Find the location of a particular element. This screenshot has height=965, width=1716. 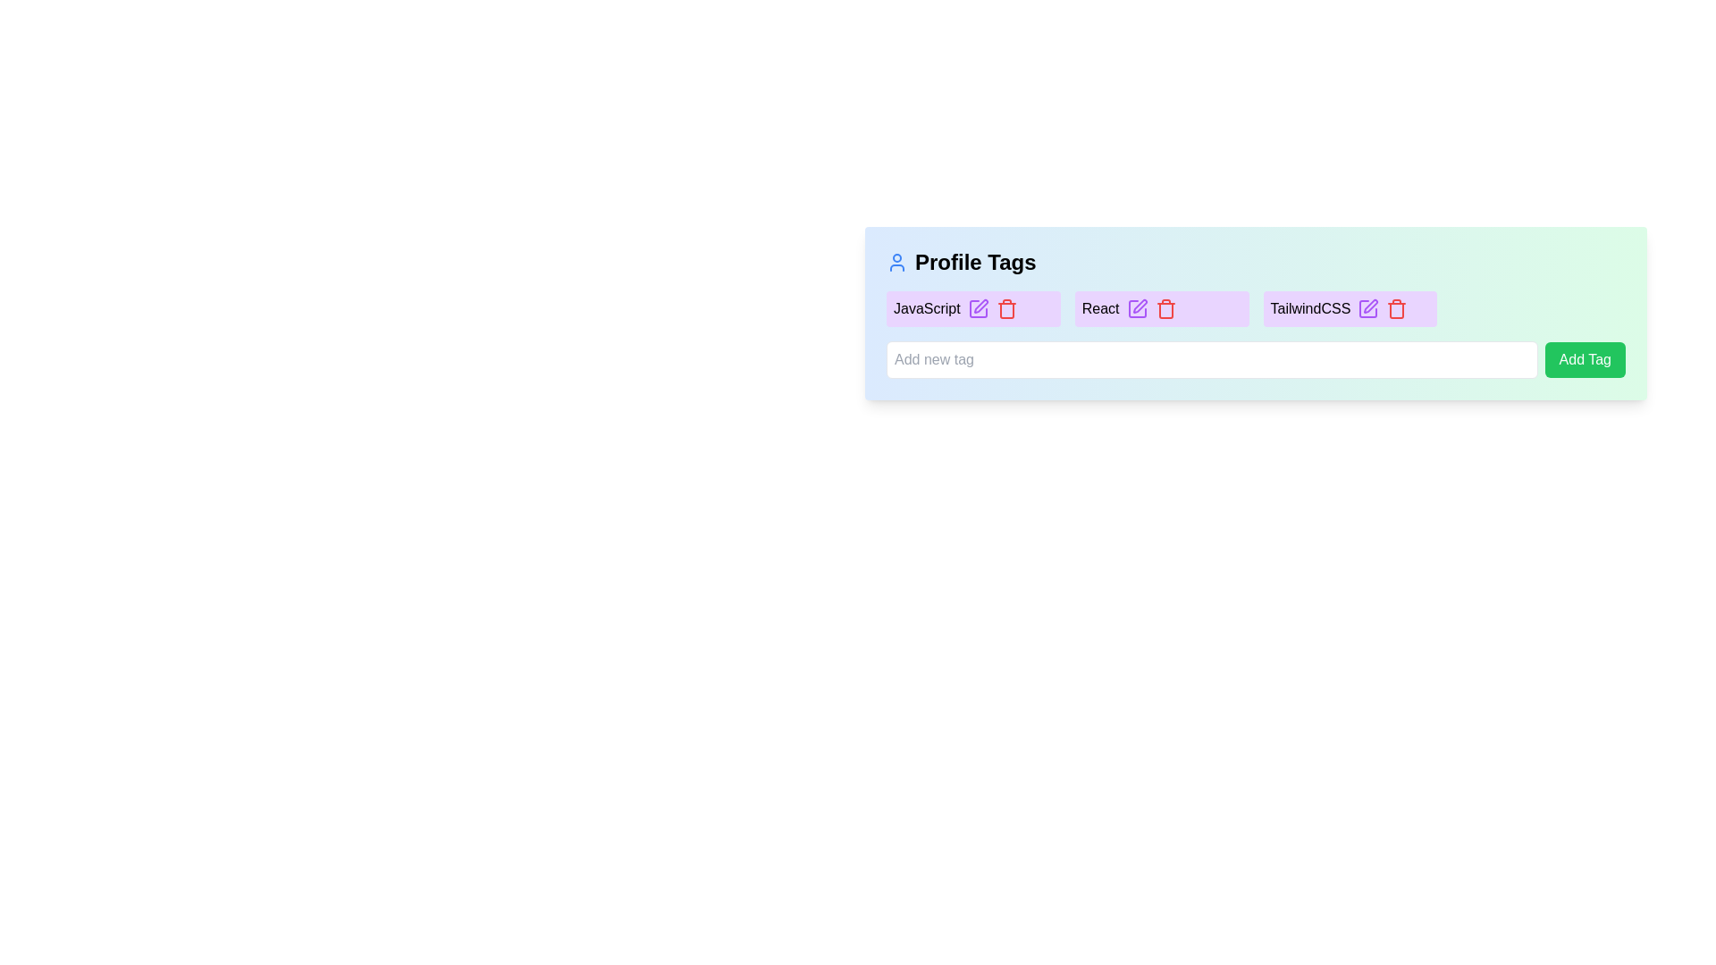

the 'React' text label, which is the second tag in the 'Profile Tags' section is located at coordinates (1099, 308).